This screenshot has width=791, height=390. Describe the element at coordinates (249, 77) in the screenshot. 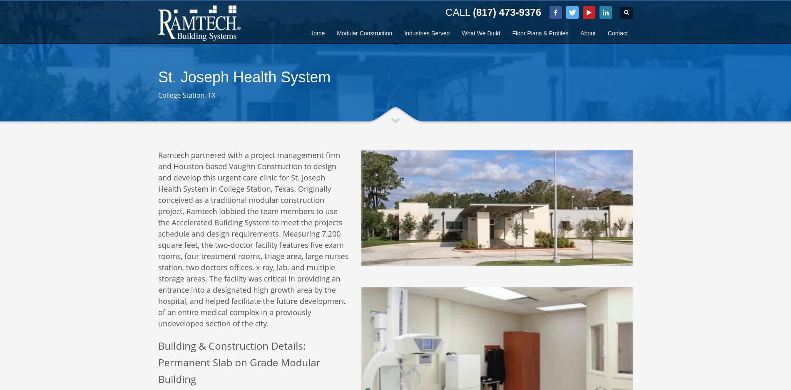

I see `'Email:'` at that location.